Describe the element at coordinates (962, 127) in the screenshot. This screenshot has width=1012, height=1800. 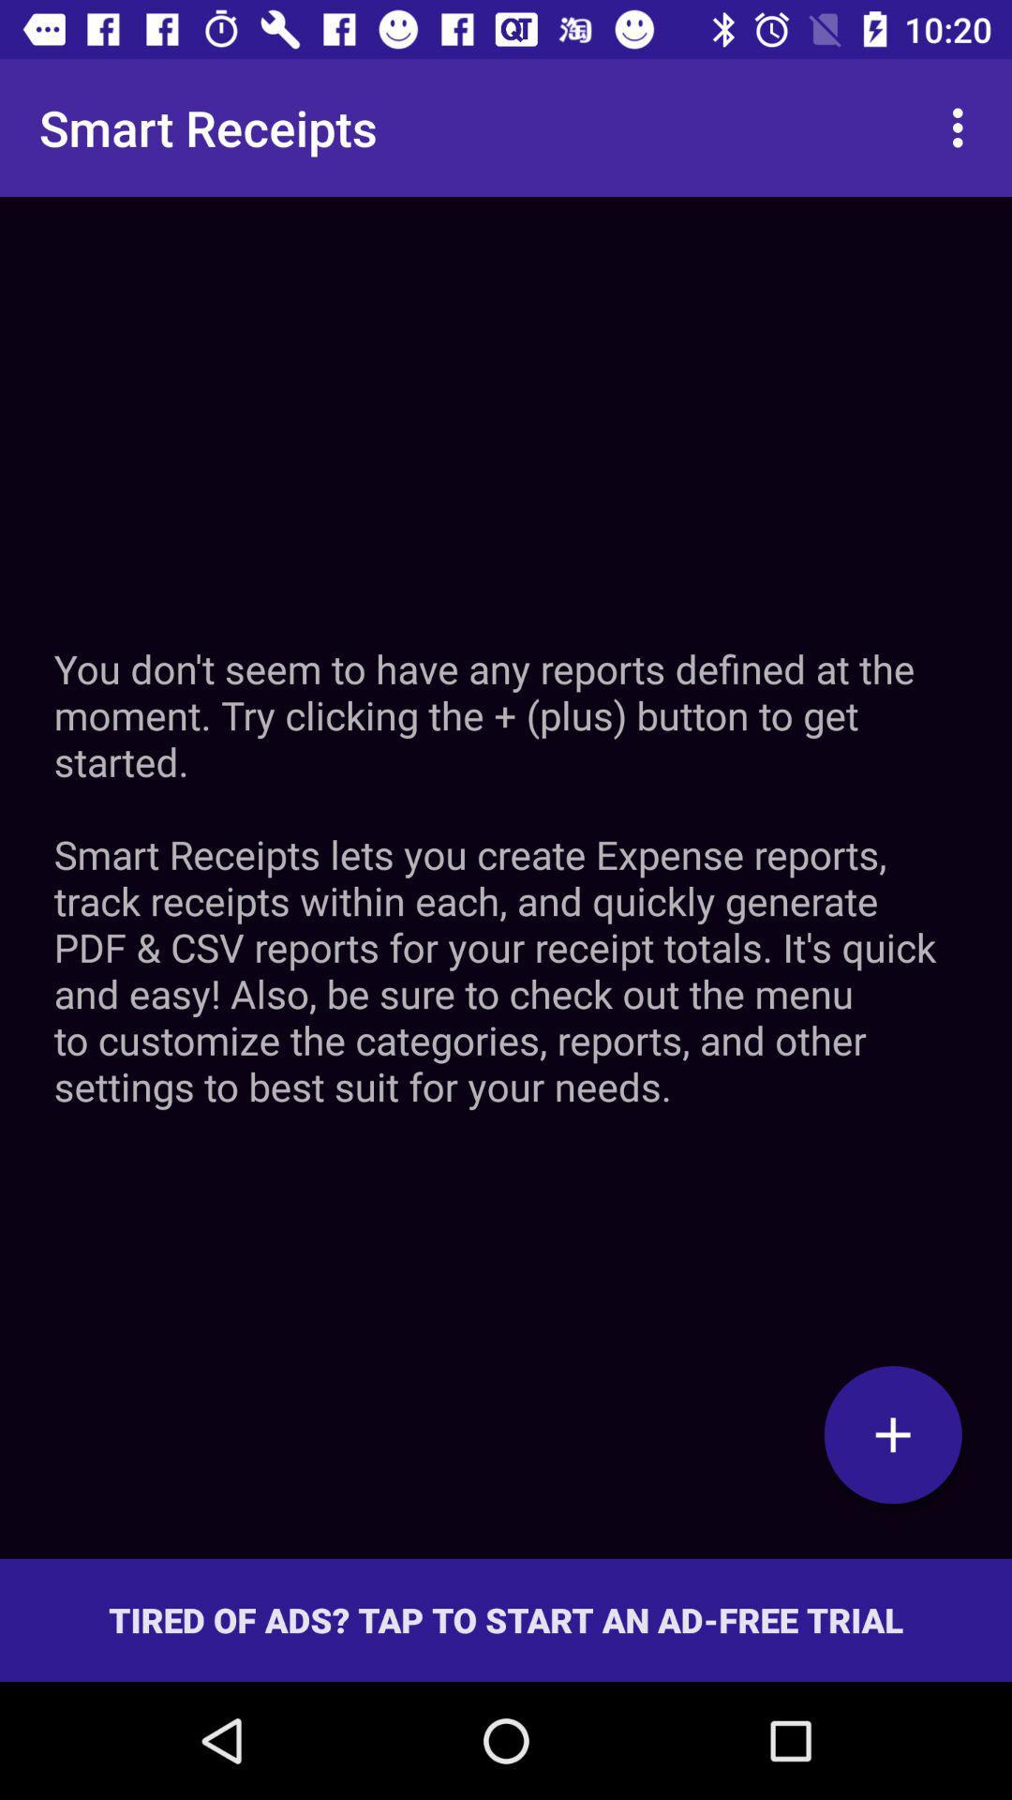
I see `the item at the top right corner` at that location.